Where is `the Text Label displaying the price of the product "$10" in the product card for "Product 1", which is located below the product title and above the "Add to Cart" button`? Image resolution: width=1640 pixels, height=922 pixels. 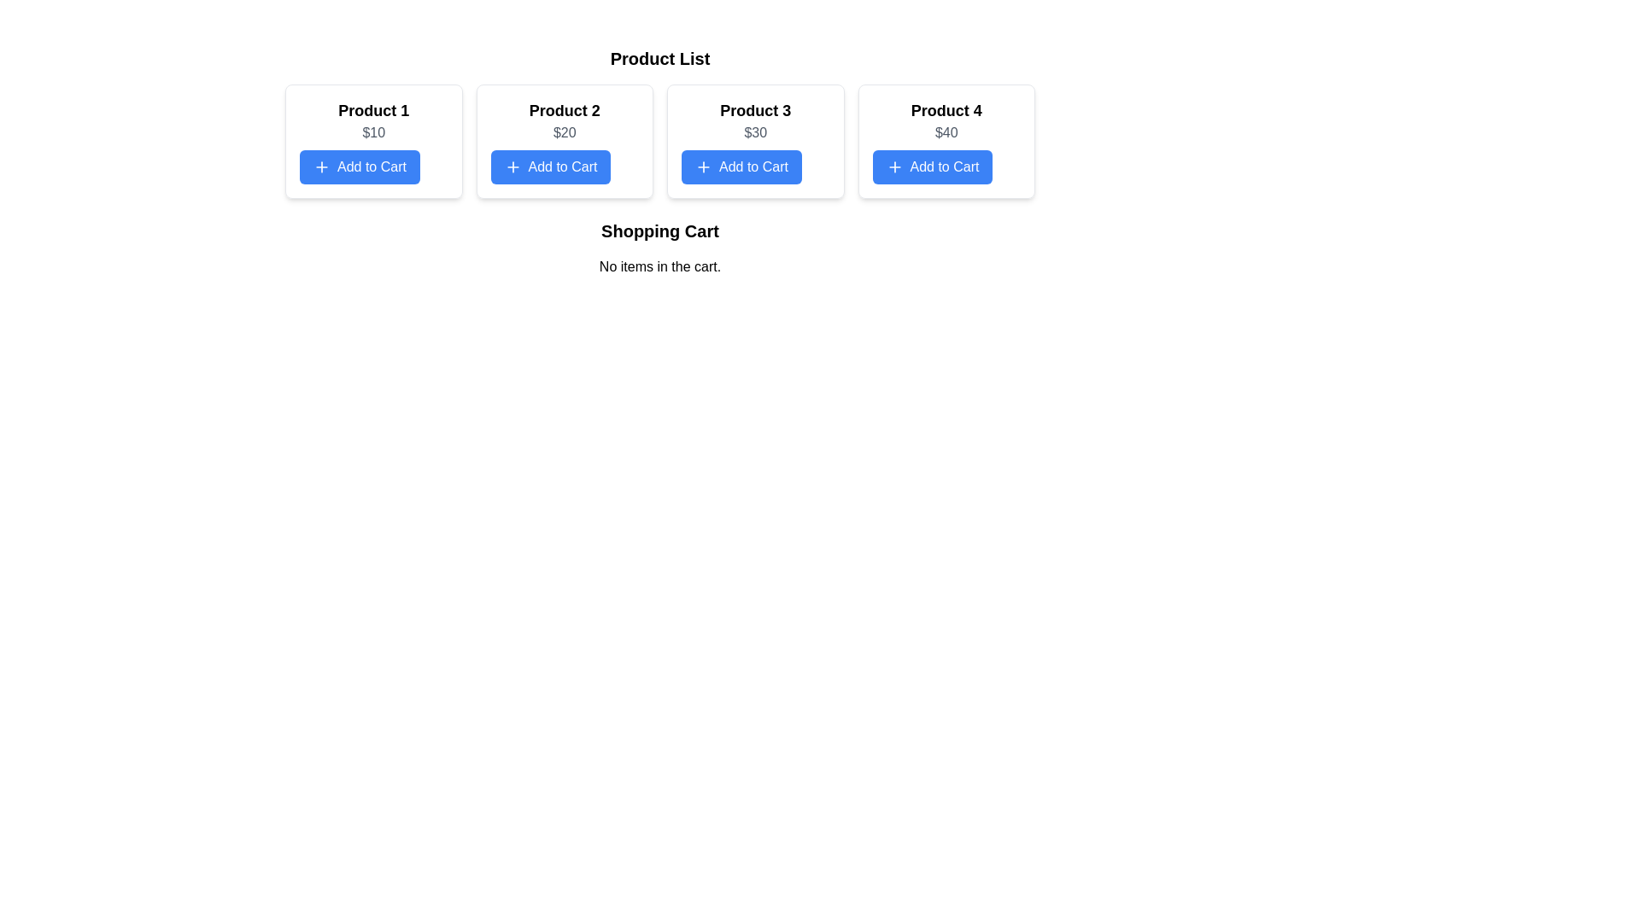 the Text Label displaying the price of the product "$10" in the product card for "Product 1", which is located below the product title and above the "Add to Cart" button is located at coordinates (372, 131).